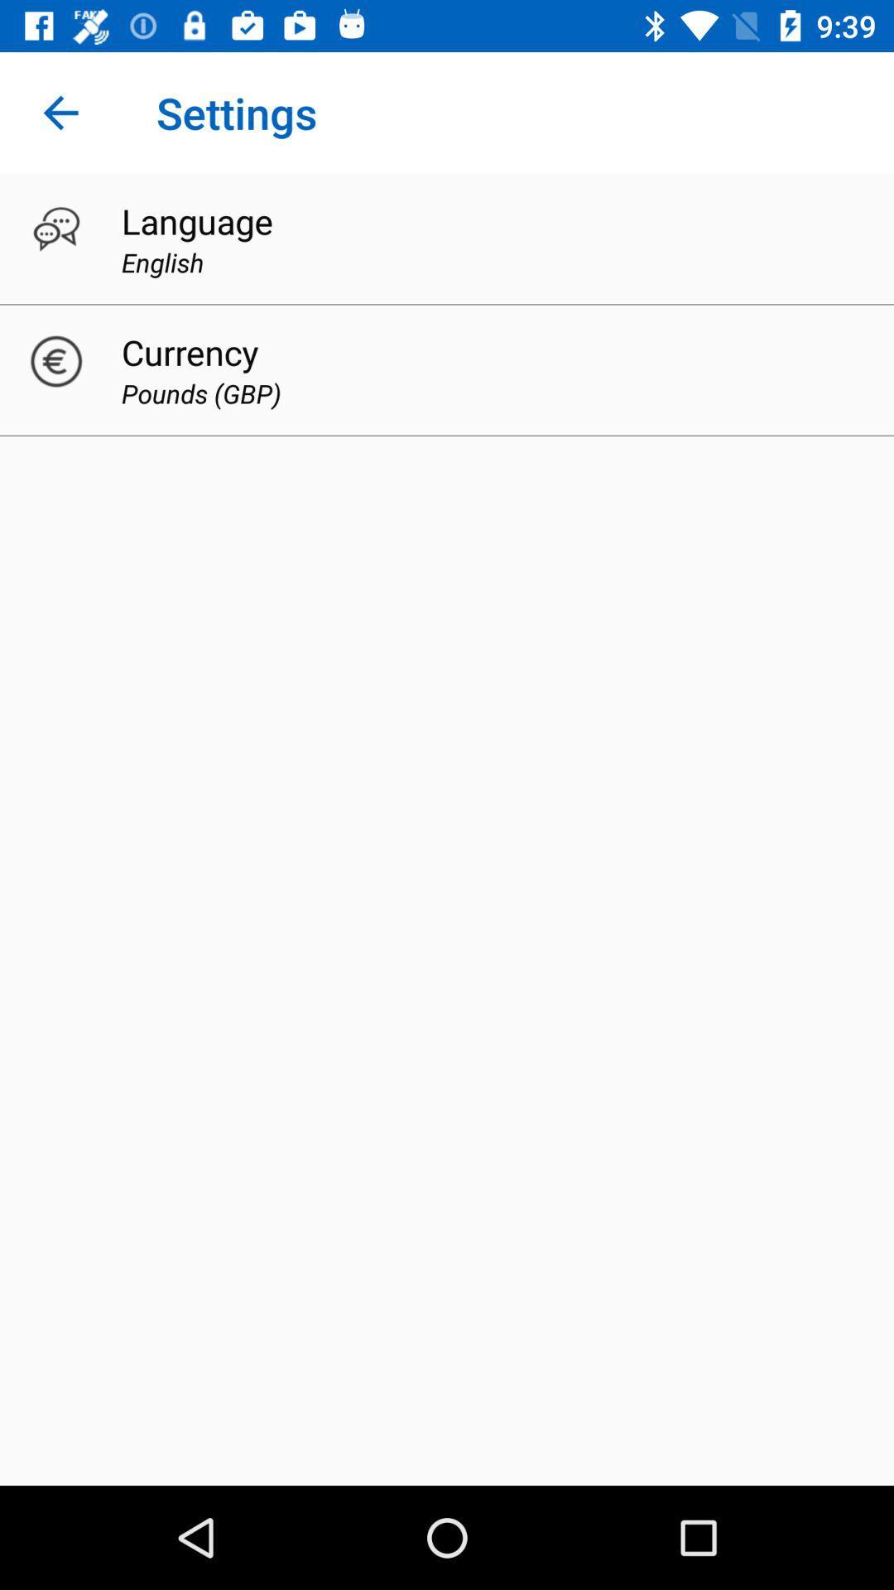 The width and height of the screenshot is (894, 1590). What do you see at coordinates (189, 351) in the screenshot?
I see `currency item` at bounding box center [189, 351].